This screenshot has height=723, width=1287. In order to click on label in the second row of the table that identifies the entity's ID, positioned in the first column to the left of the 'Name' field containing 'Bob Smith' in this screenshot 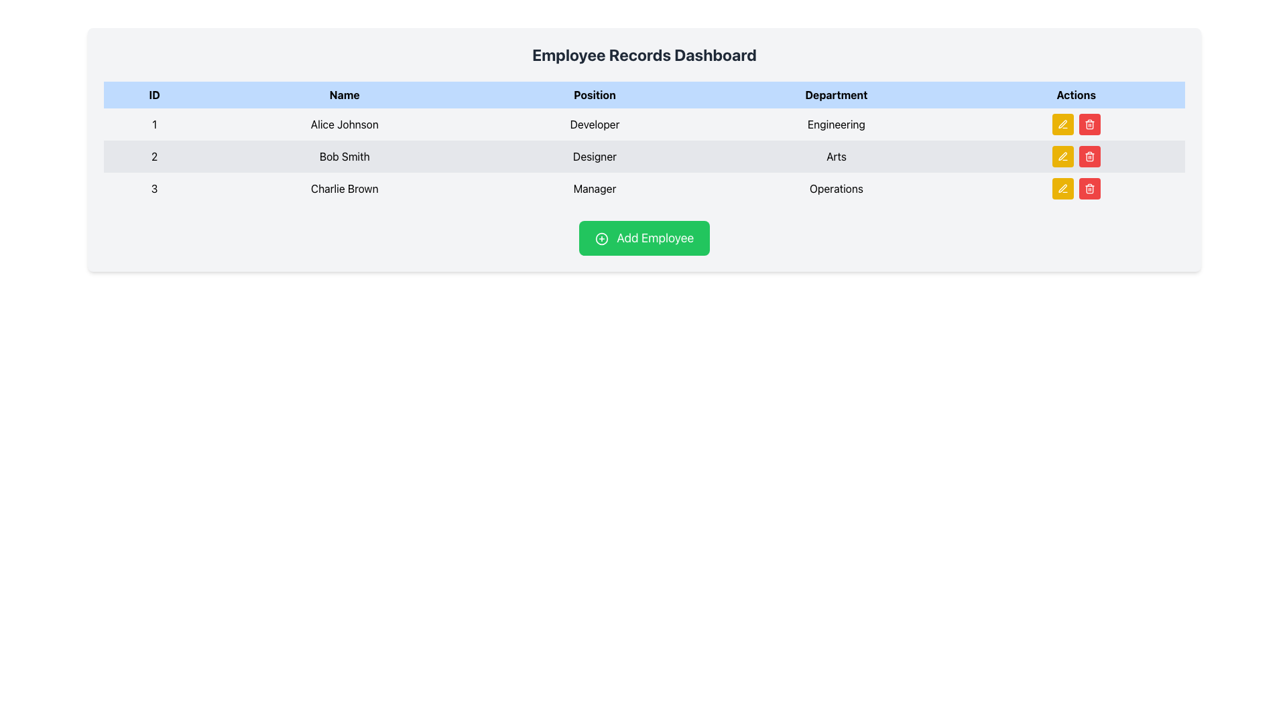, I will do `click(154, 156)`.